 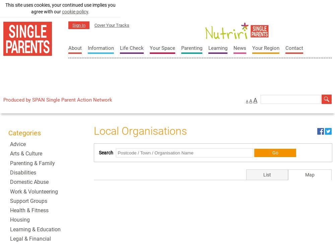 I want to click on 'News', so click(x=233, y=48).